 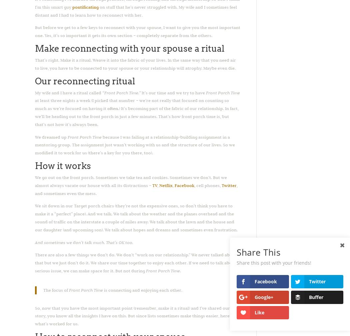 What do you see at coordinates (316, 297) in the screenshot?
I see `'Buffer'` at bounding box center [316, 297].